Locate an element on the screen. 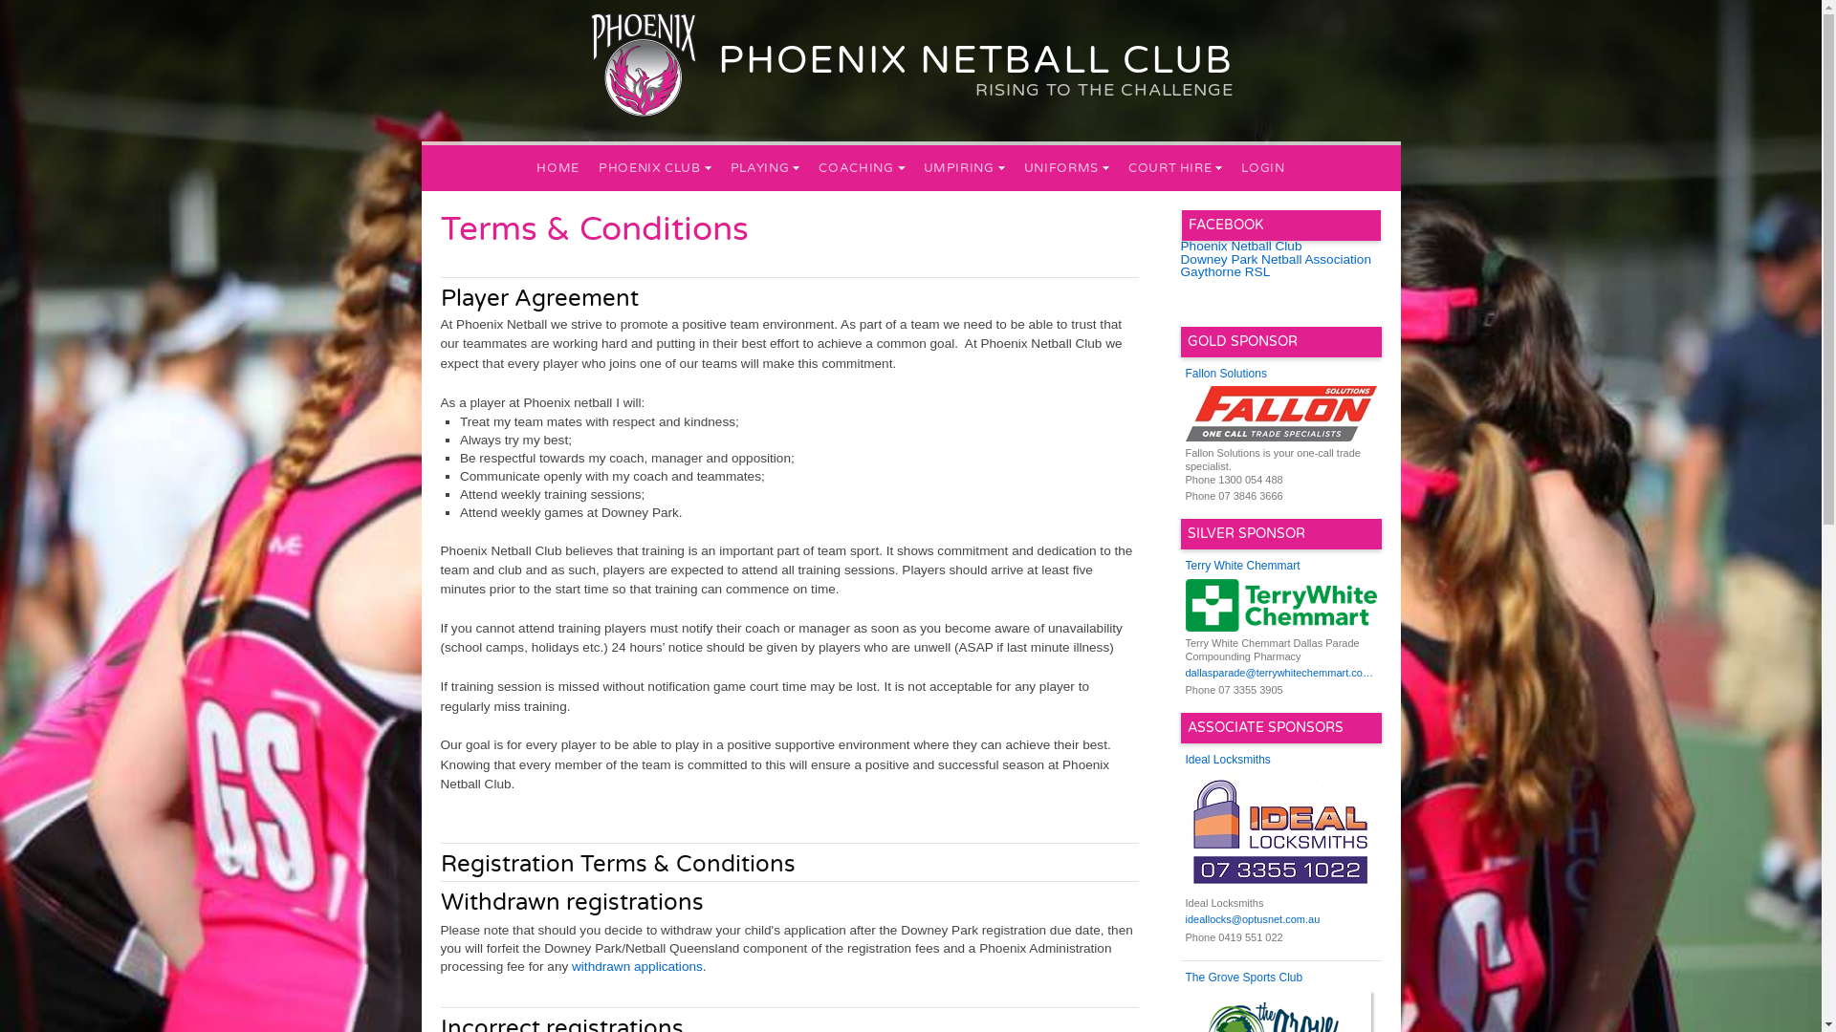 This screenshot has height=1032, width=1836. 'HOME' is located at coordinates (557, 167).